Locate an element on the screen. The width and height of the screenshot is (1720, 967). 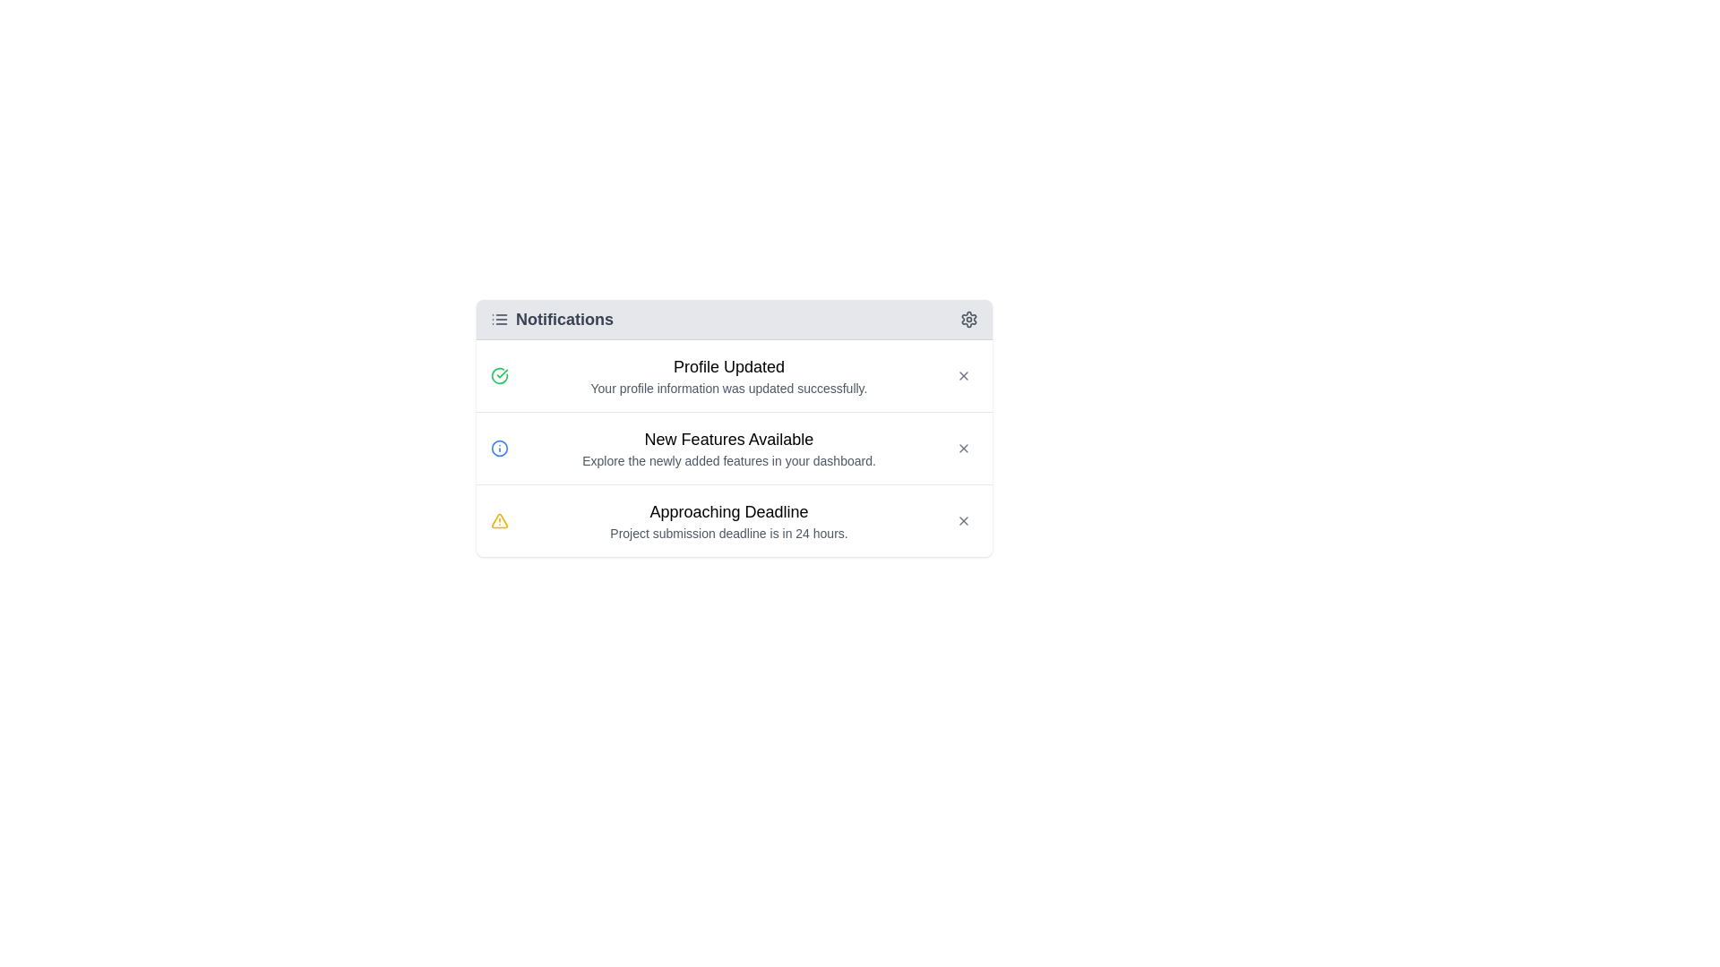
the close button located in the top-right corner of the notification titled 'New Features Available' to change the icon color is located at coordinates (962, 448).